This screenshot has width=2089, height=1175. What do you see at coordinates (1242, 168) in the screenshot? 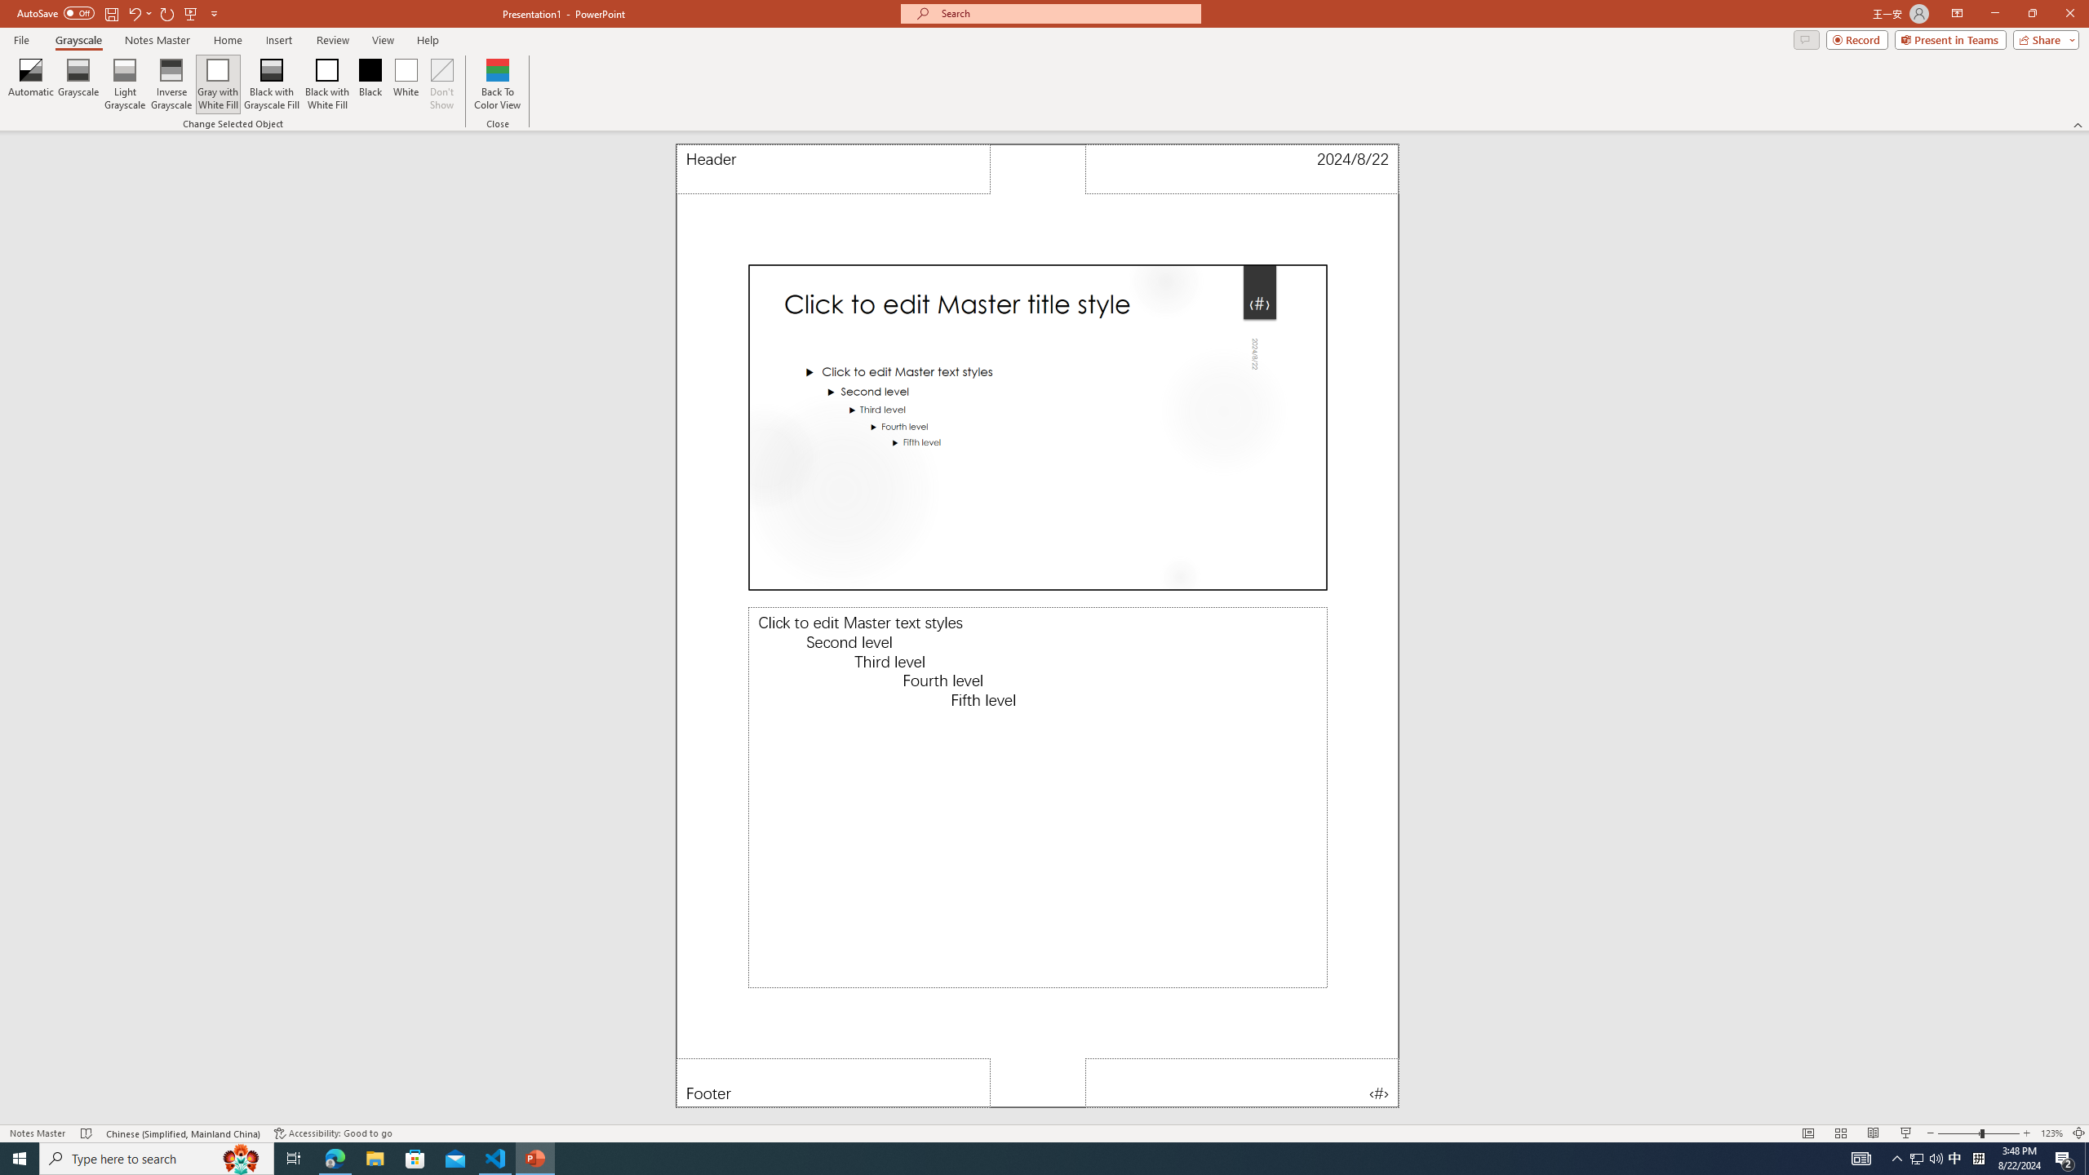
I see `'Date'` at bounding box center [1242, 168].